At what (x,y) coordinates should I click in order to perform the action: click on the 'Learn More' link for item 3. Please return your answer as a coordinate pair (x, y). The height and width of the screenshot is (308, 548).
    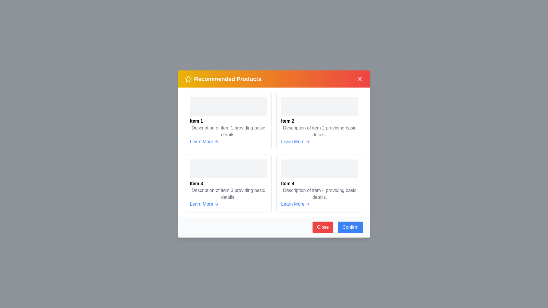
    Looking at the image, I should click on (204, 204).